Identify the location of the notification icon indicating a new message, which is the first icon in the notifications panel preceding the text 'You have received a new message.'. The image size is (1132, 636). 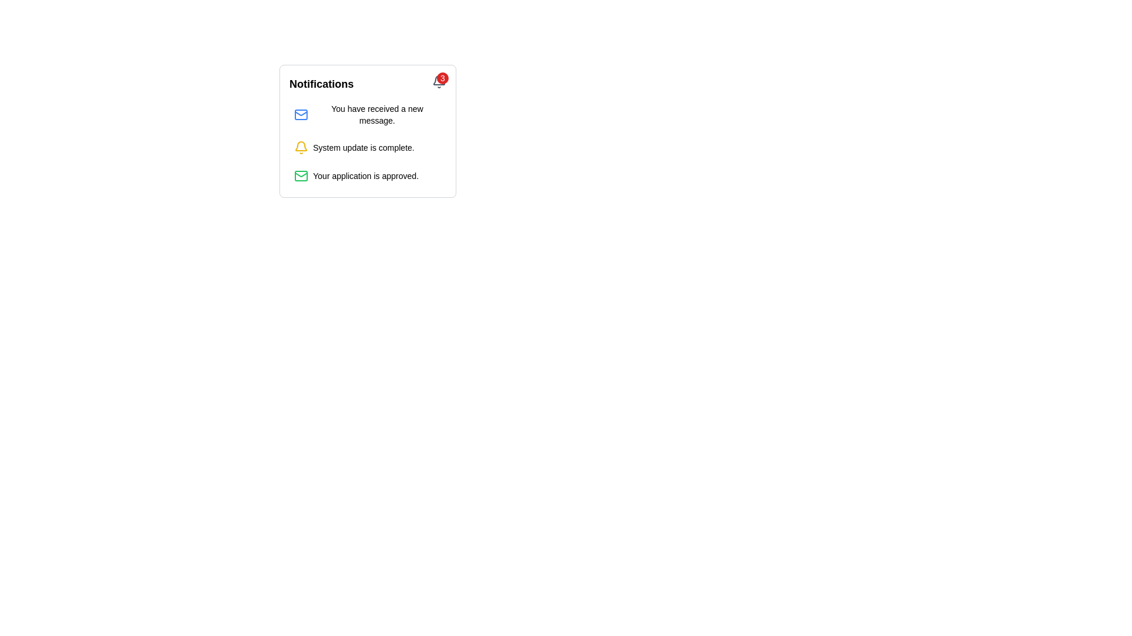
(301, 115).